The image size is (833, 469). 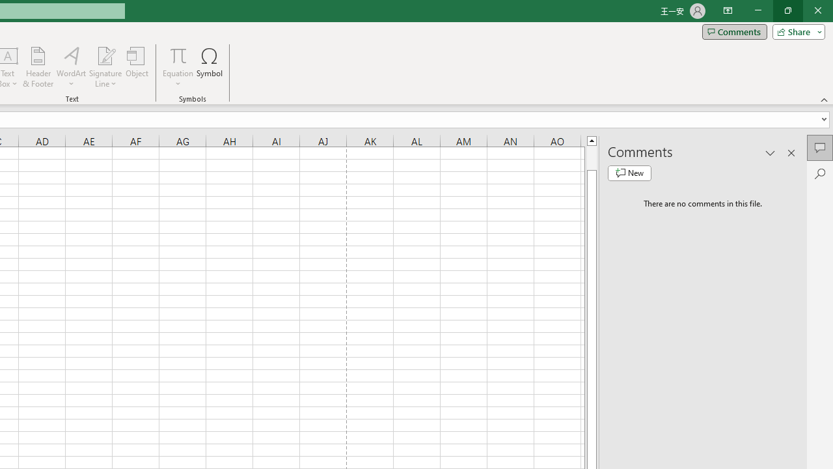 What do you see at coordinates (105, 67) in the screenshot?
I see `'Signature Line'` at bounding box center [105, 67].